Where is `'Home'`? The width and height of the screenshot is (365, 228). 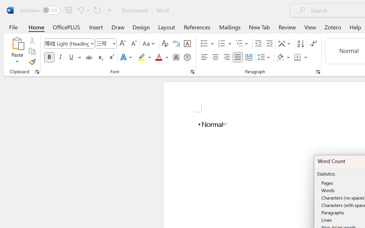 'Home' is located at coordinates (36, 27).